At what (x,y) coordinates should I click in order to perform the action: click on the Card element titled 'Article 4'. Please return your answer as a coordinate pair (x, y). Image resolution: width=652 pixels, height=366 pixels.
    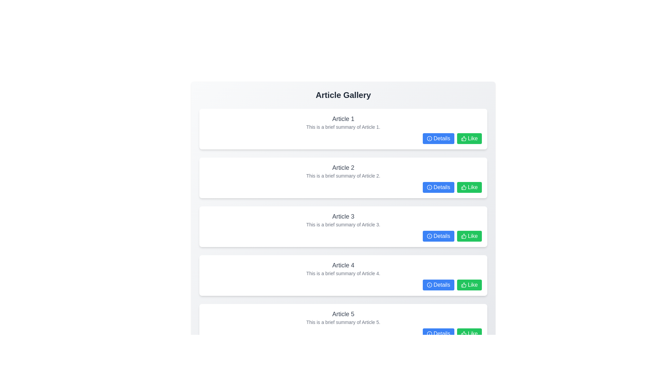
    Looking at the image, I should click on (343, 276).